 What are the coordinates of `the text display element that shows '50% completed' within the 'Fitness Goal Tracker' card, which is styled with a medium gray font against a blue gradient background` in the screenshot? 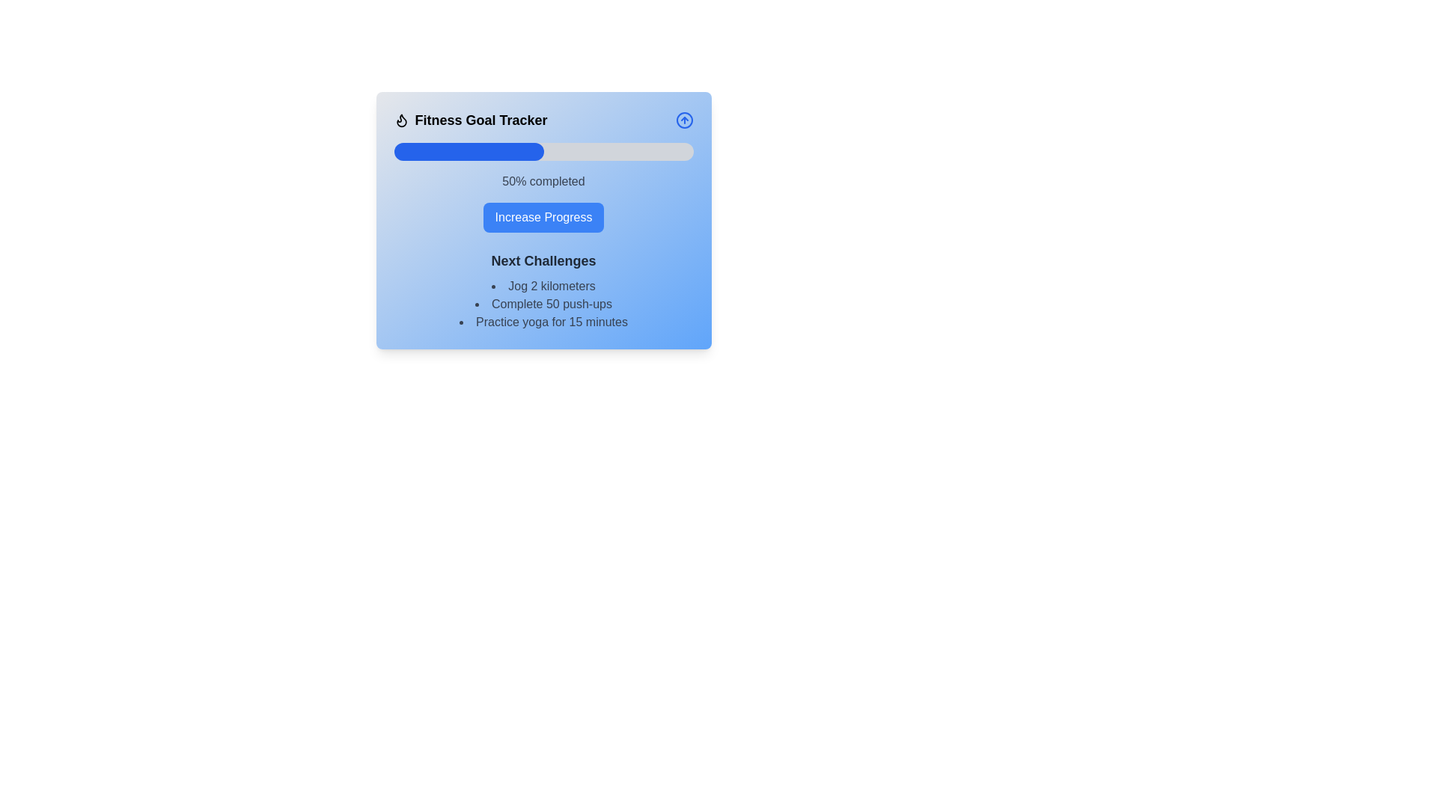 It's located at (543, 181).